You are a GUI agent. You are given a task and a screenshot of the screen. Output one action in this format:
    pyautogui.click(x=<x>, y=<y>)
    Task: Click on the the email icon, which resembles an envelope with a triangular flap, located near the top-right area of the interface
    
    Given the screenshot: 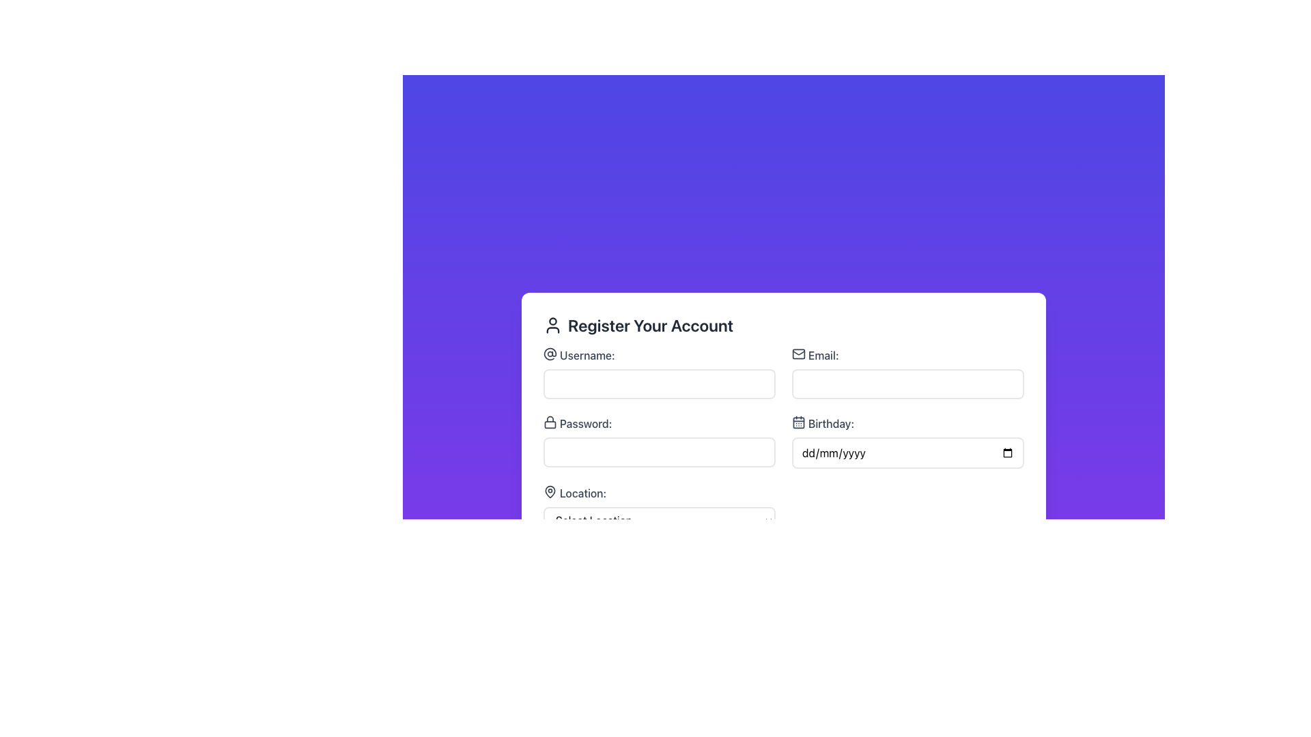 What is the action you would take?
    pyautogui.click(x=799, y=351)
    